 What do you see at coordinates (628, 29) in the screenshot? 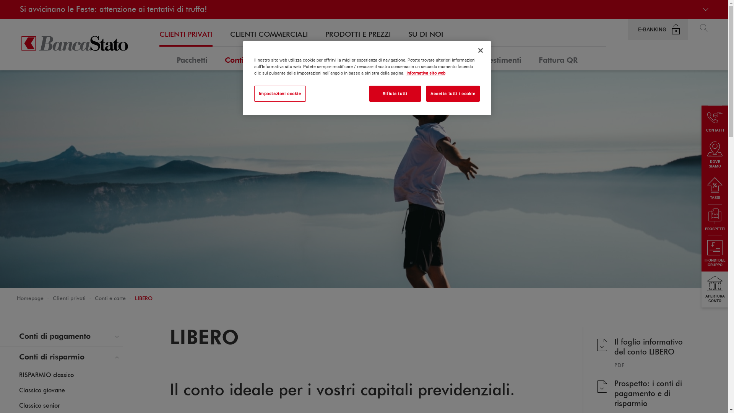
I see `'E-BANKING'` at bounding box center [628, 29].